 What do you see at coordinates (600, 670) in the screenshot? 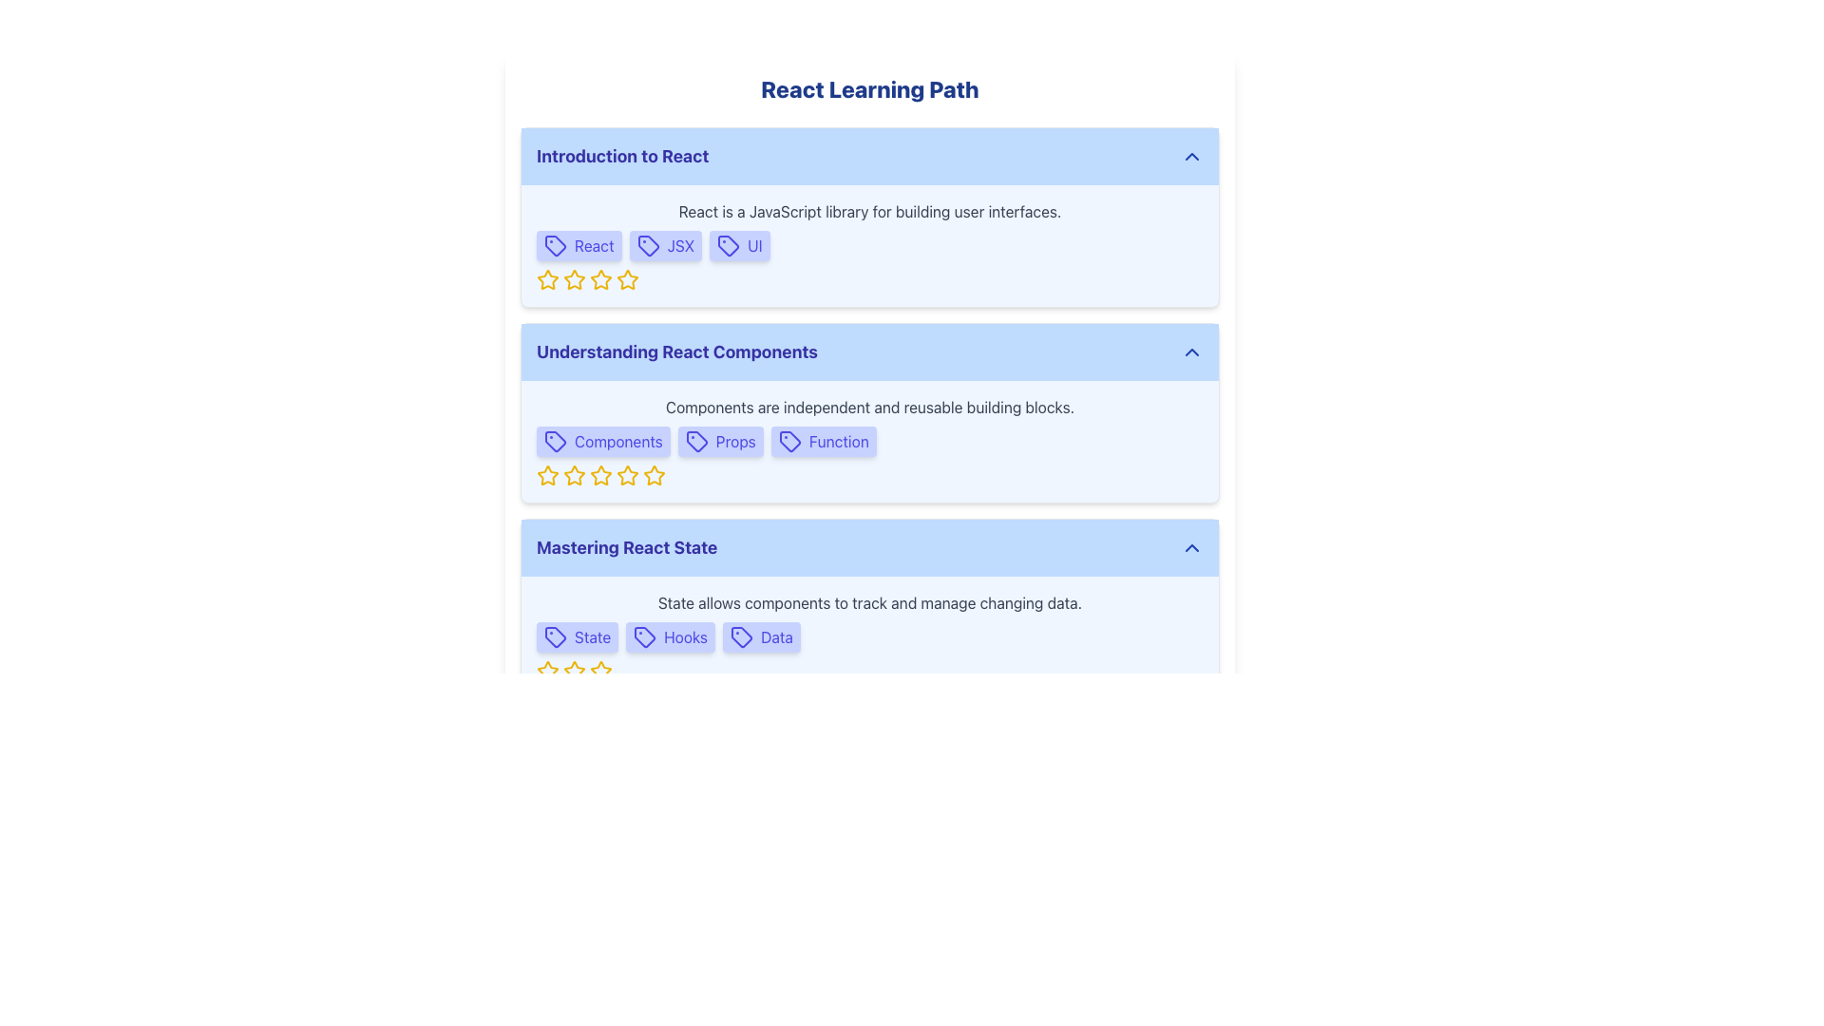
I see `the fifth yellow star icon in the rating system located at the bottom of the 'Mastering React State' section` at bounding box center [600, 670].